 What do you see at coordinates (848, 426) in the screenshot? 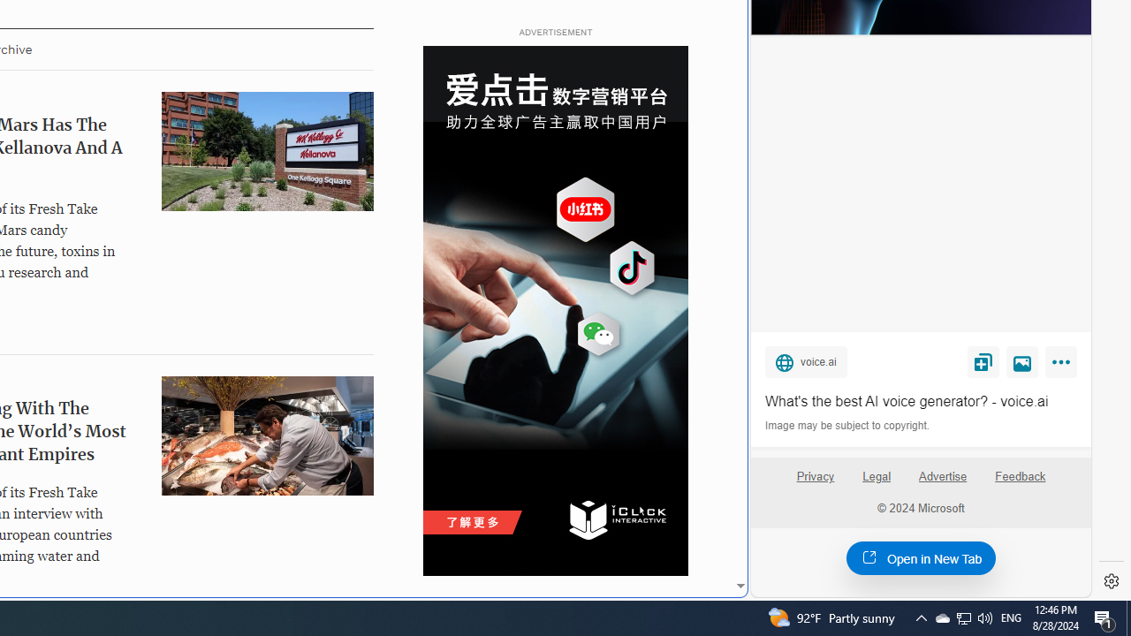
I see `'Image may be subject to copyright.'` at bounding box center [848, 426].